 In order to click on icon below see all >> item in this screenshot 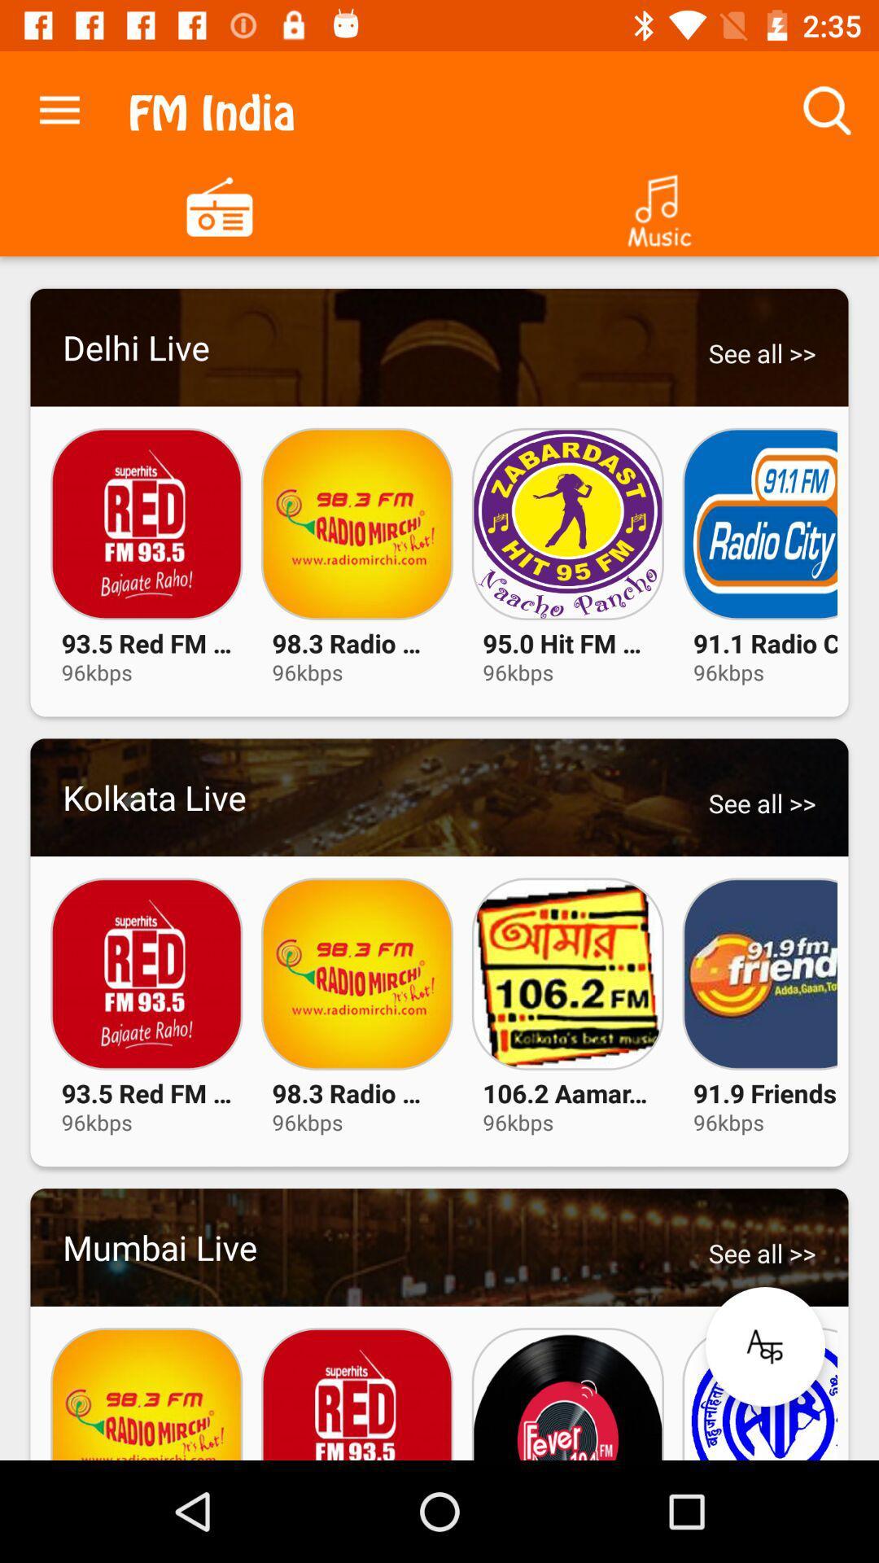, I will do `click(765, 1346)`.